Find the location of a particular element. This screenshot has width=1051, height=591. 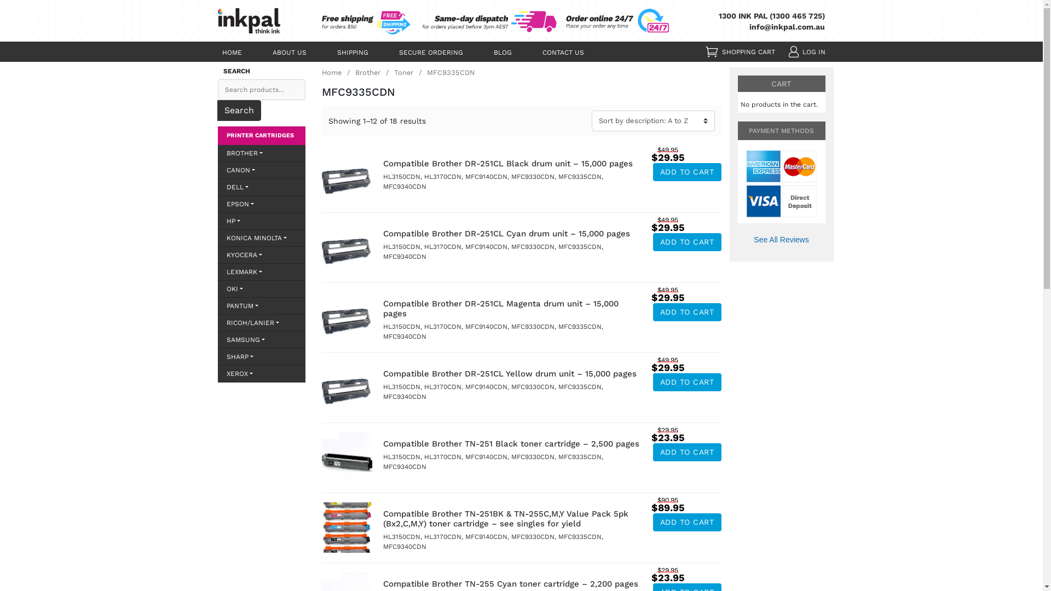

'MFC9140CDN' is located at coordinates (486, 176).